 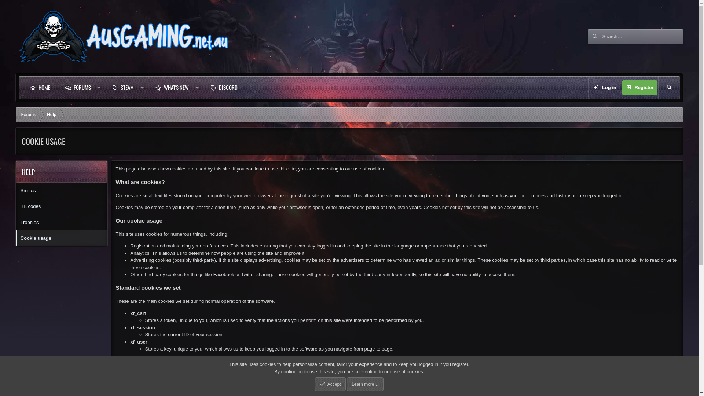 What do you see at coordinates (223, 87) in the screenshot?
I see `'DISCORD'` at bounding box center [223, 87].